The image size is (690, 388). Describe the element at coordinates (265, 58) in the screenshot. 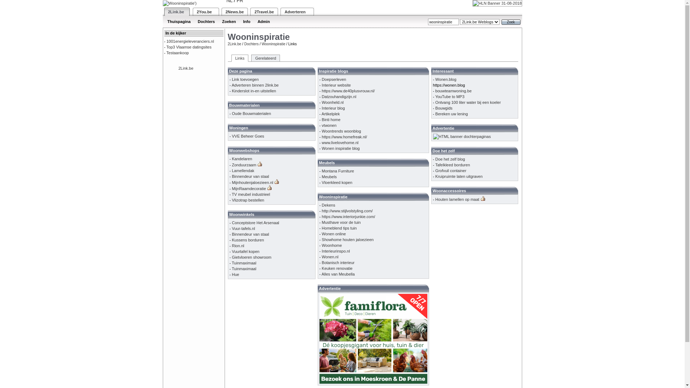

I see `'Gerelateerd'` at that location.